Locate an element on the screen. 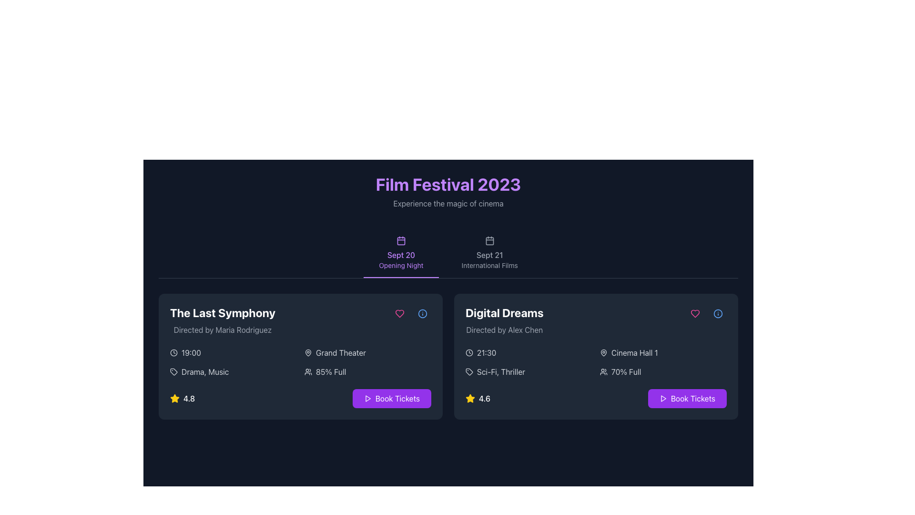 The width and height of the screenshot is (915, 515). the yellow star-shaped Rating icon located on the right side of the comparison row for the movie 'Digital Dreams', next to the numeric rating value is located at coordinates (470, 398).